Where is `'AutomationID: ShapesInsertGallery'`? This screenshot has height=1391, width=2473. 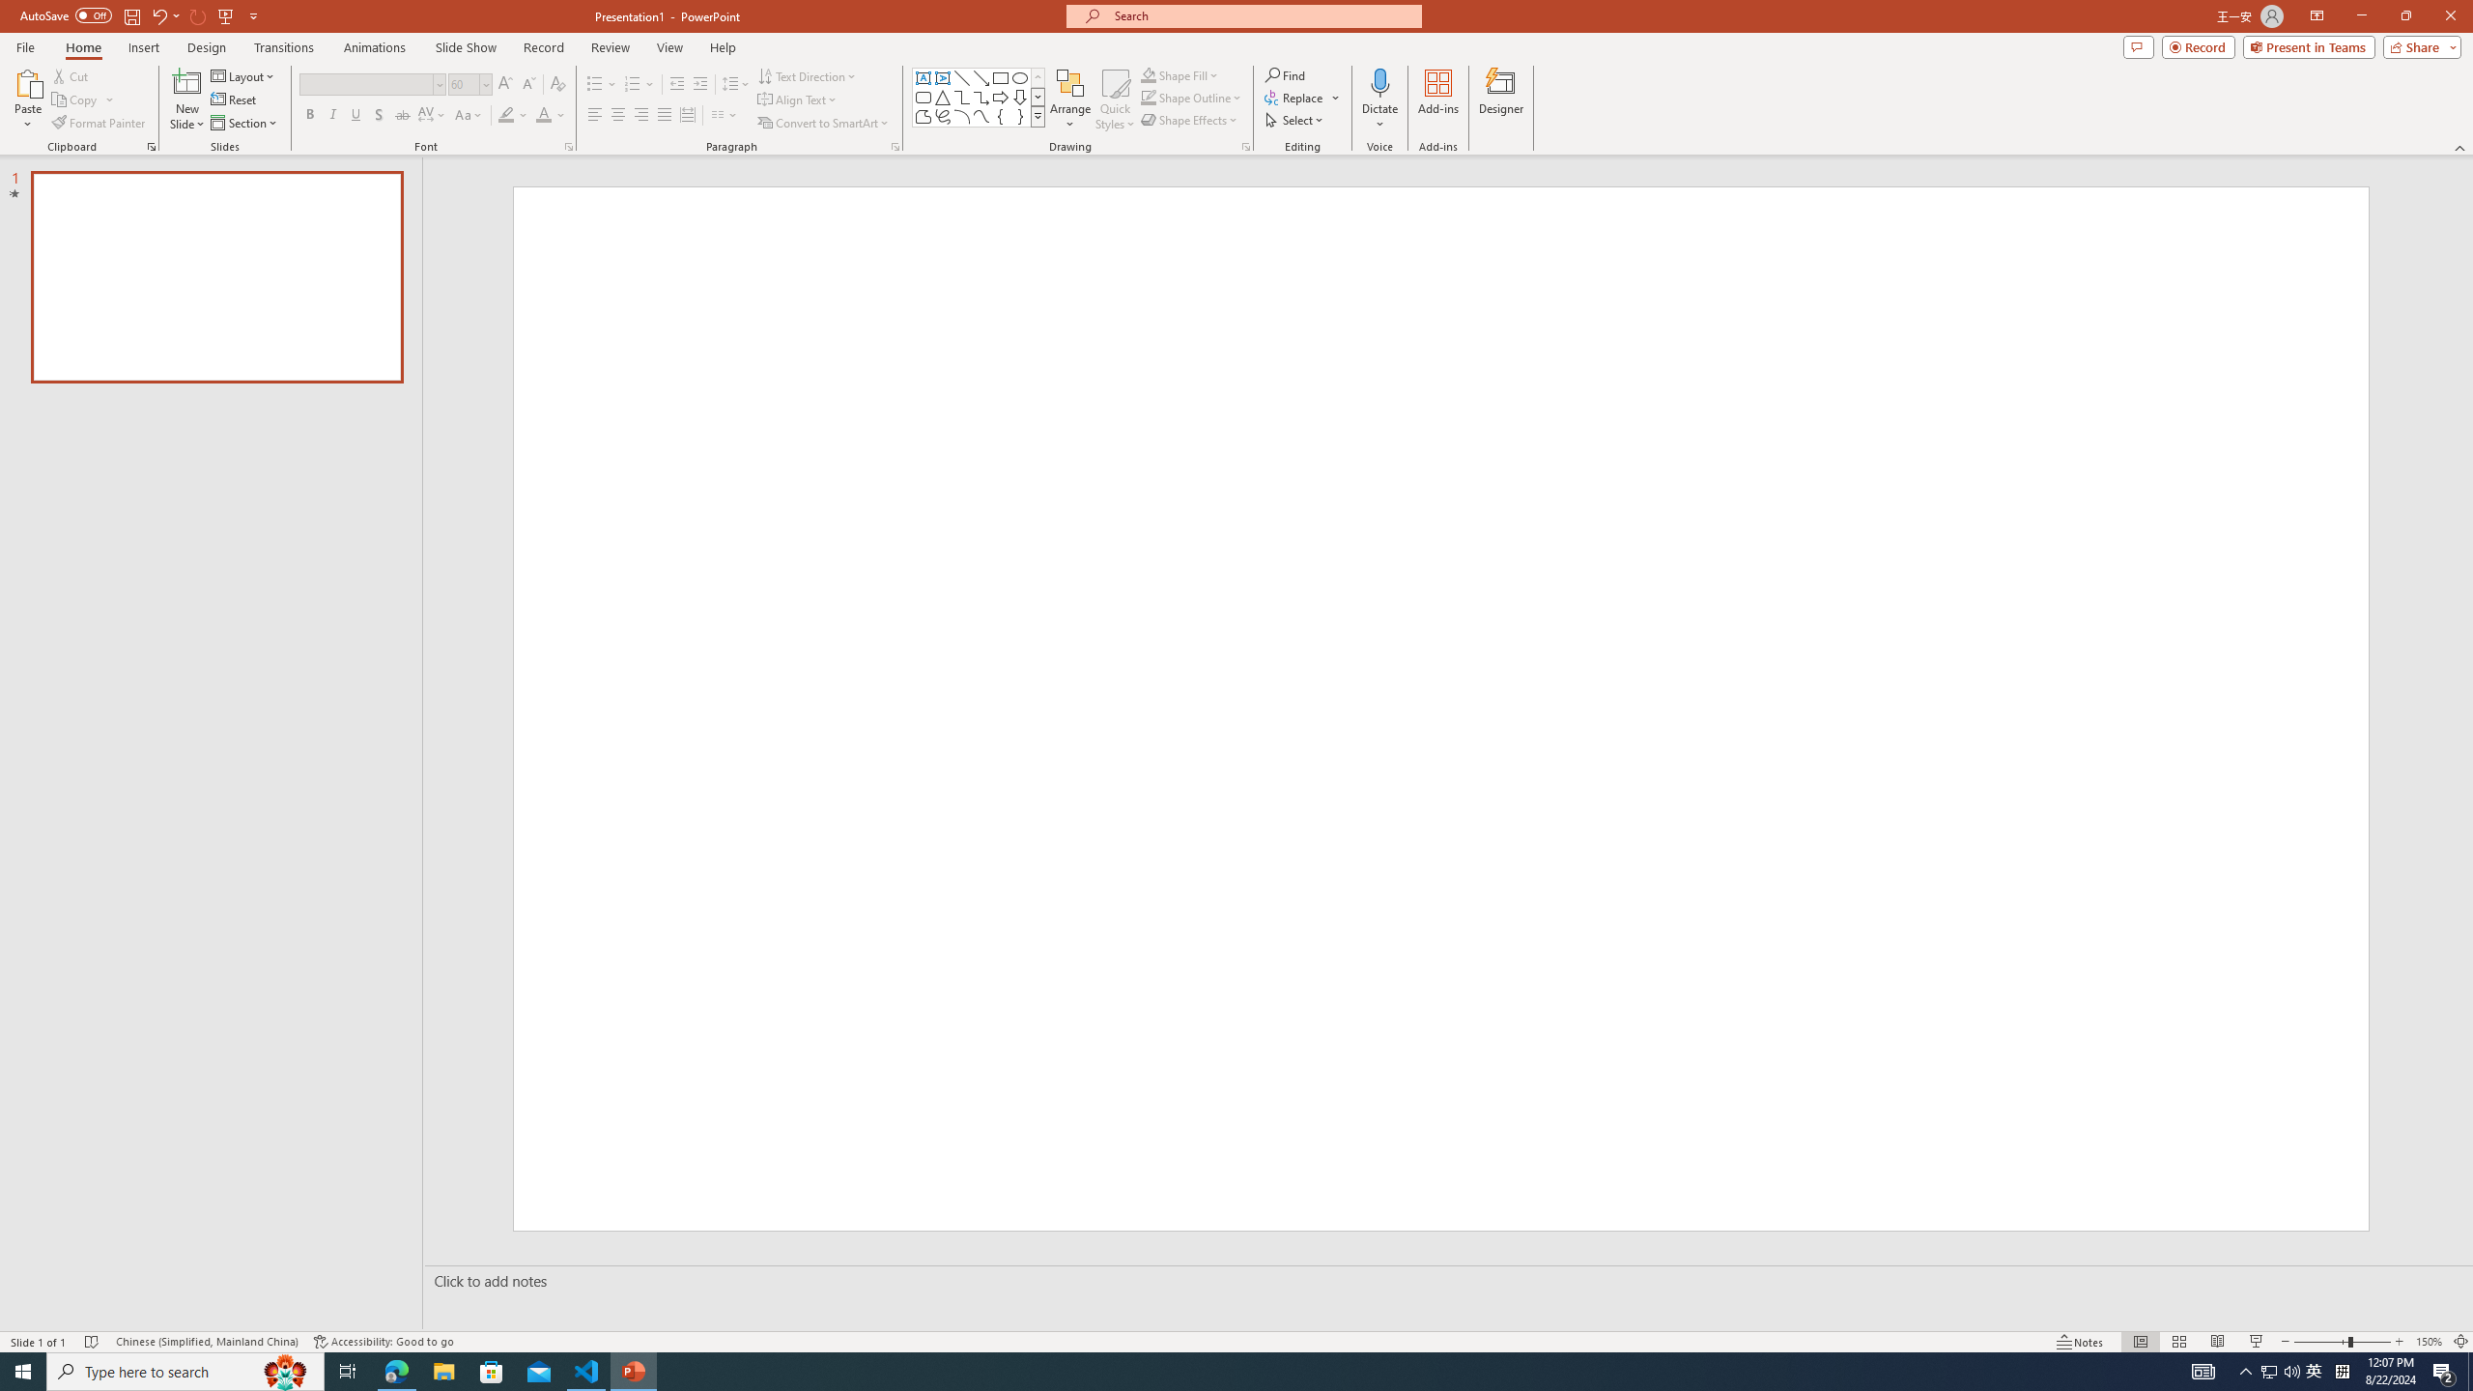 'AutomationID: ShapesInsertGallery' is located at coordinates (978, 97).